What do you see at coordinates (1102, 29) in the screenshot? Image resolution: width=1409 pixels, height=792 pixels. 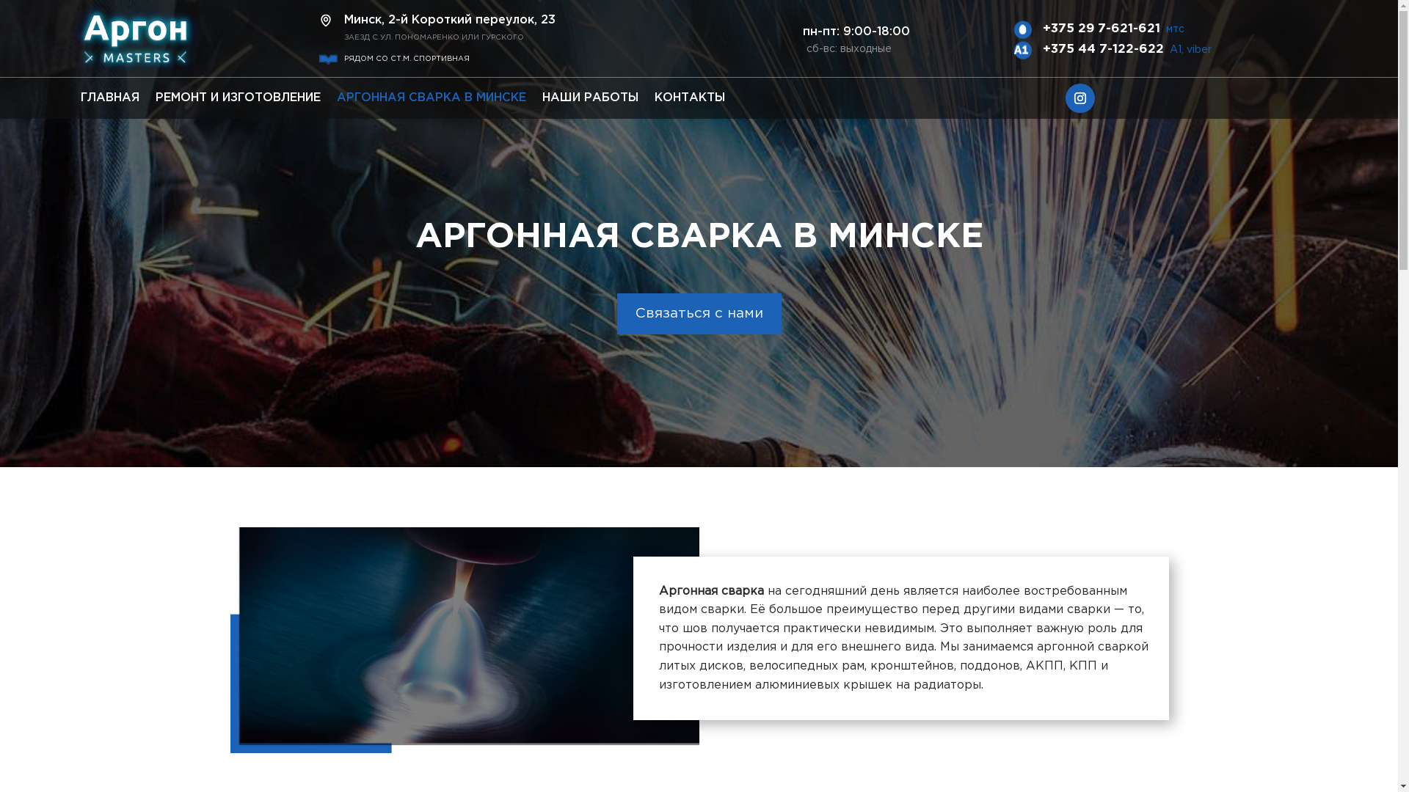 I see `'+375 29 7-621-621'` at bounding box center [1102, 29].